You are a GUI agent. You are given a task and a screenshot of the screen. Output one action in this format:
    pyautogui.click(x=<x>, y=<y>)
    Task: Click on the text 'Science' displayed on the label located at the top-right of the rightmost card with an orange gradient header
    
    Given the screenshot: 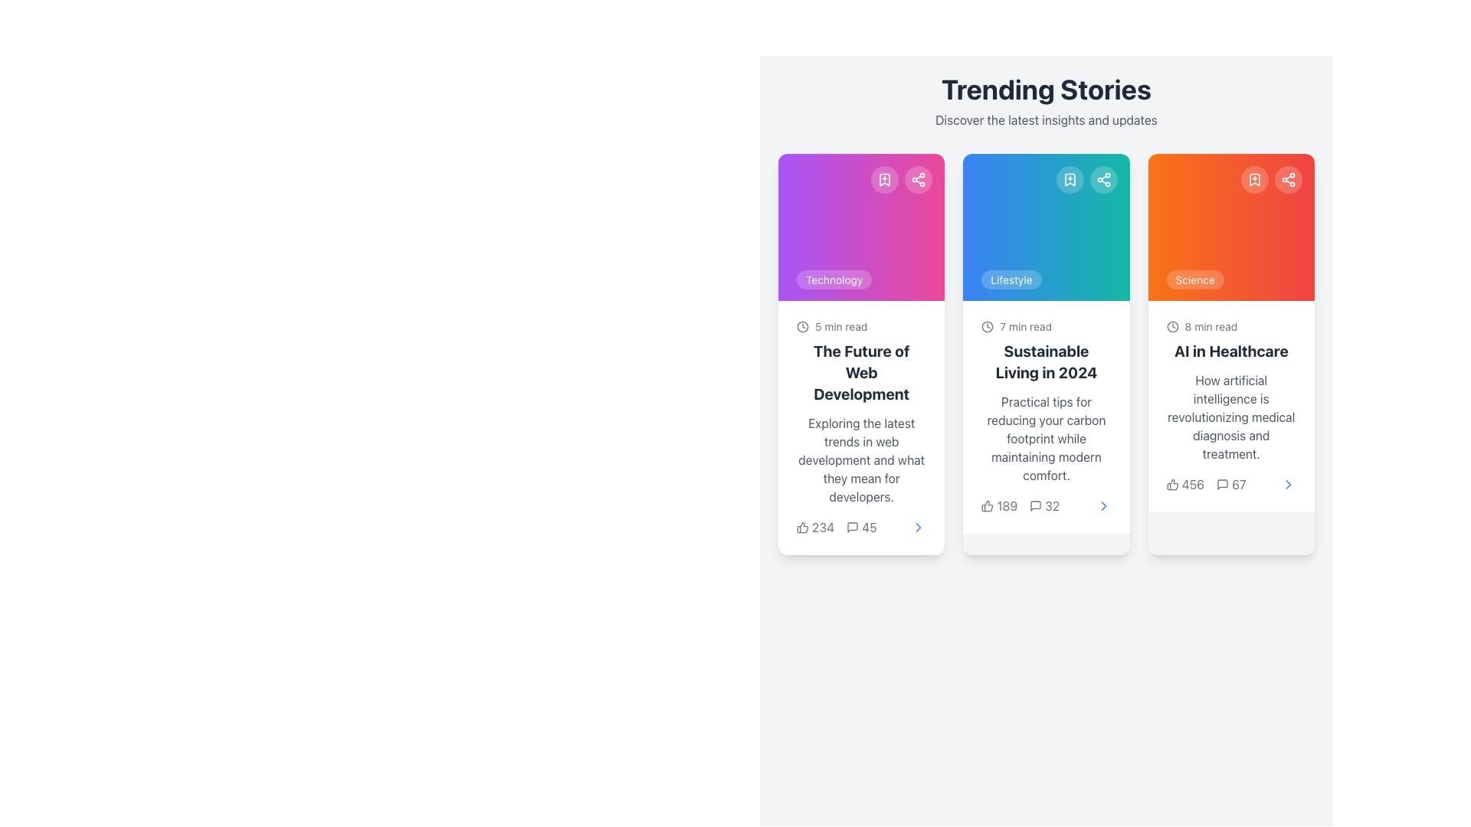 What is the action you would take?
    pyautogui.click(x=1194, y=279)
    